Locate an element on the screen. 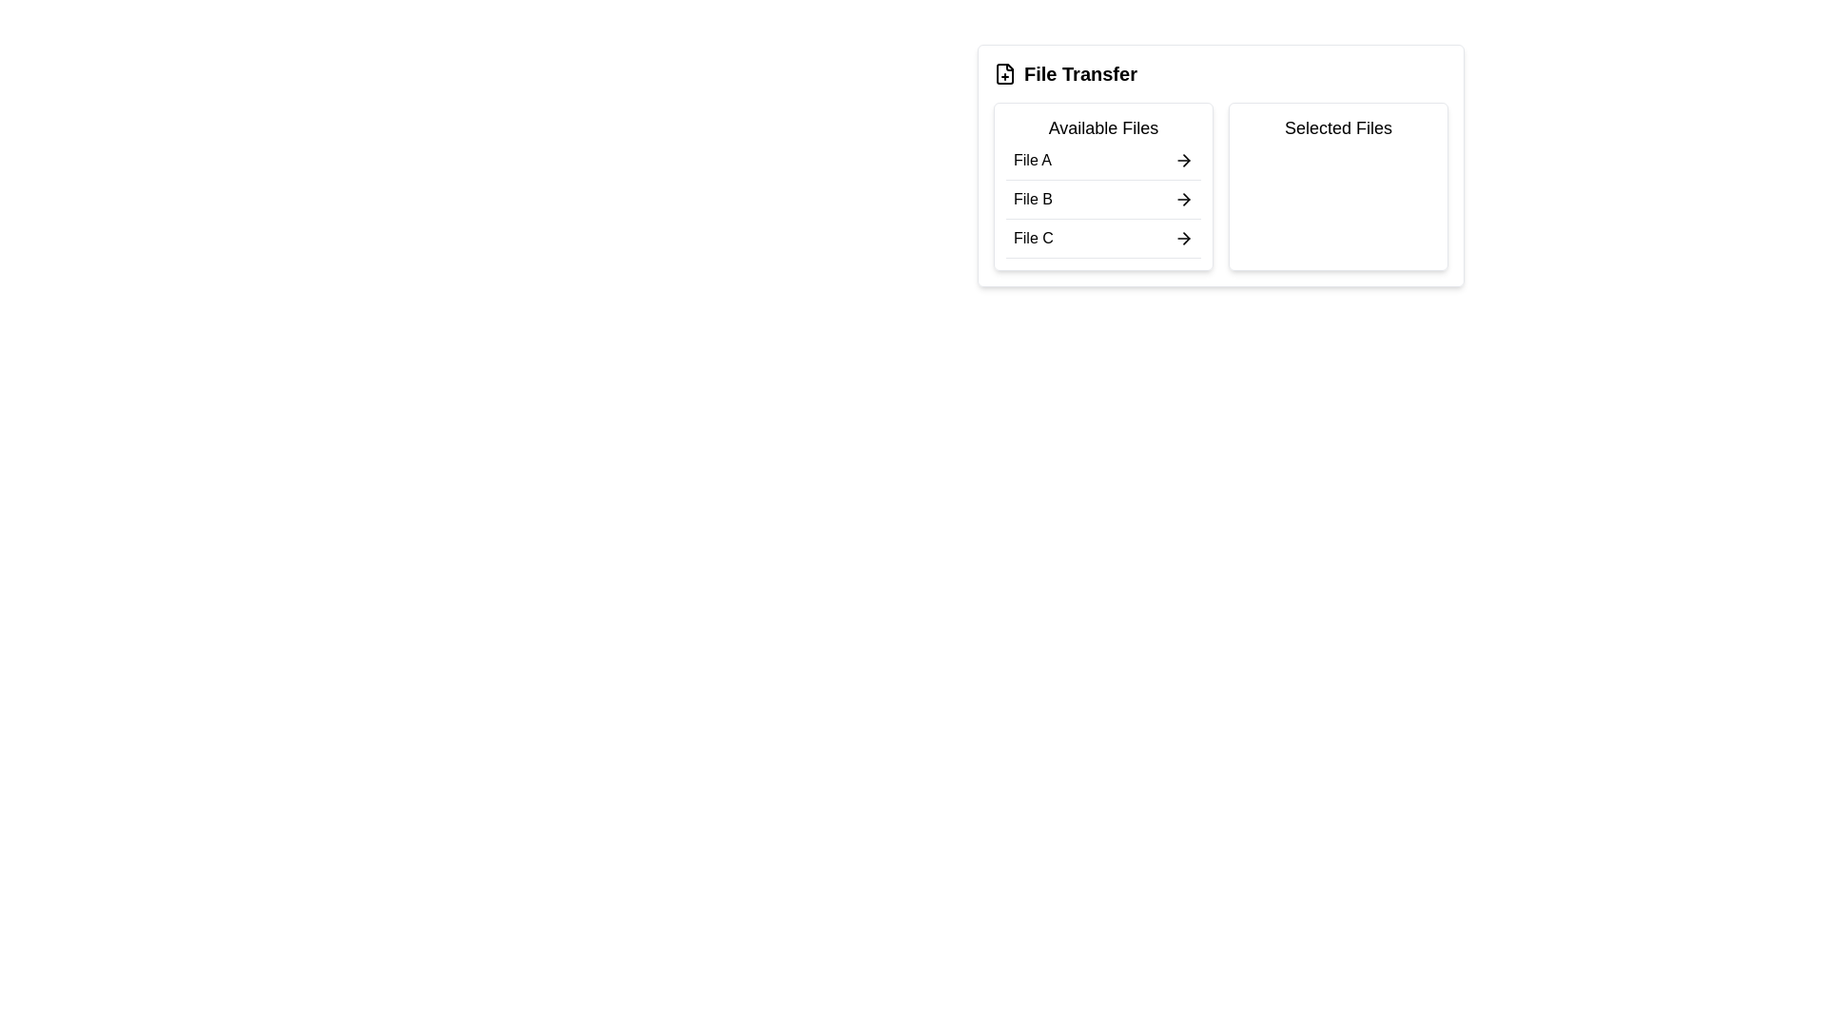 The width and height of the screenshot is (1826, 1027). the second list item labeled 'File B' in the 'Available Files' section is located at coordinates (1103, 200).